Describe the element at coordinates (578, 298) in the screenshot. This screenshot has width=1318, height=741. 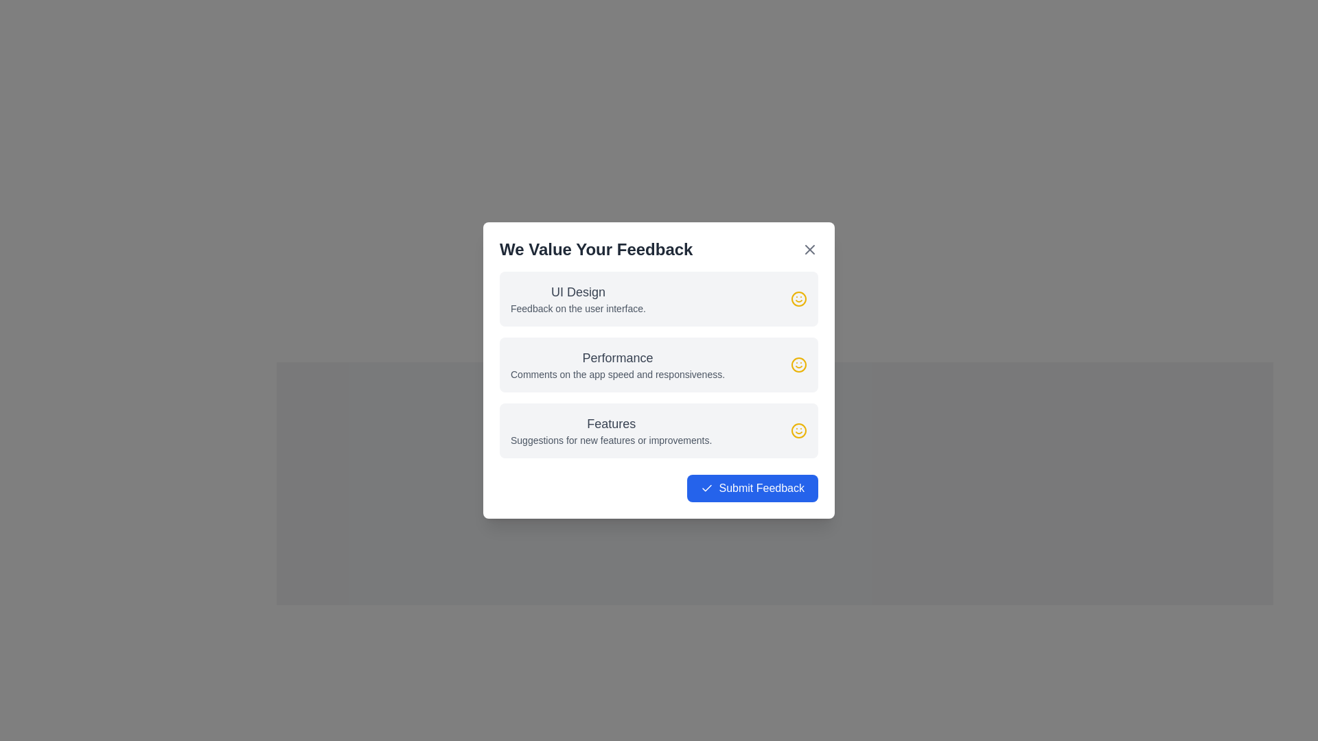
I see `the static text block for 'UI Design' in the feedback form, which is located under 'We Value Your Feedback' and above the 'Performance' option` at that location.